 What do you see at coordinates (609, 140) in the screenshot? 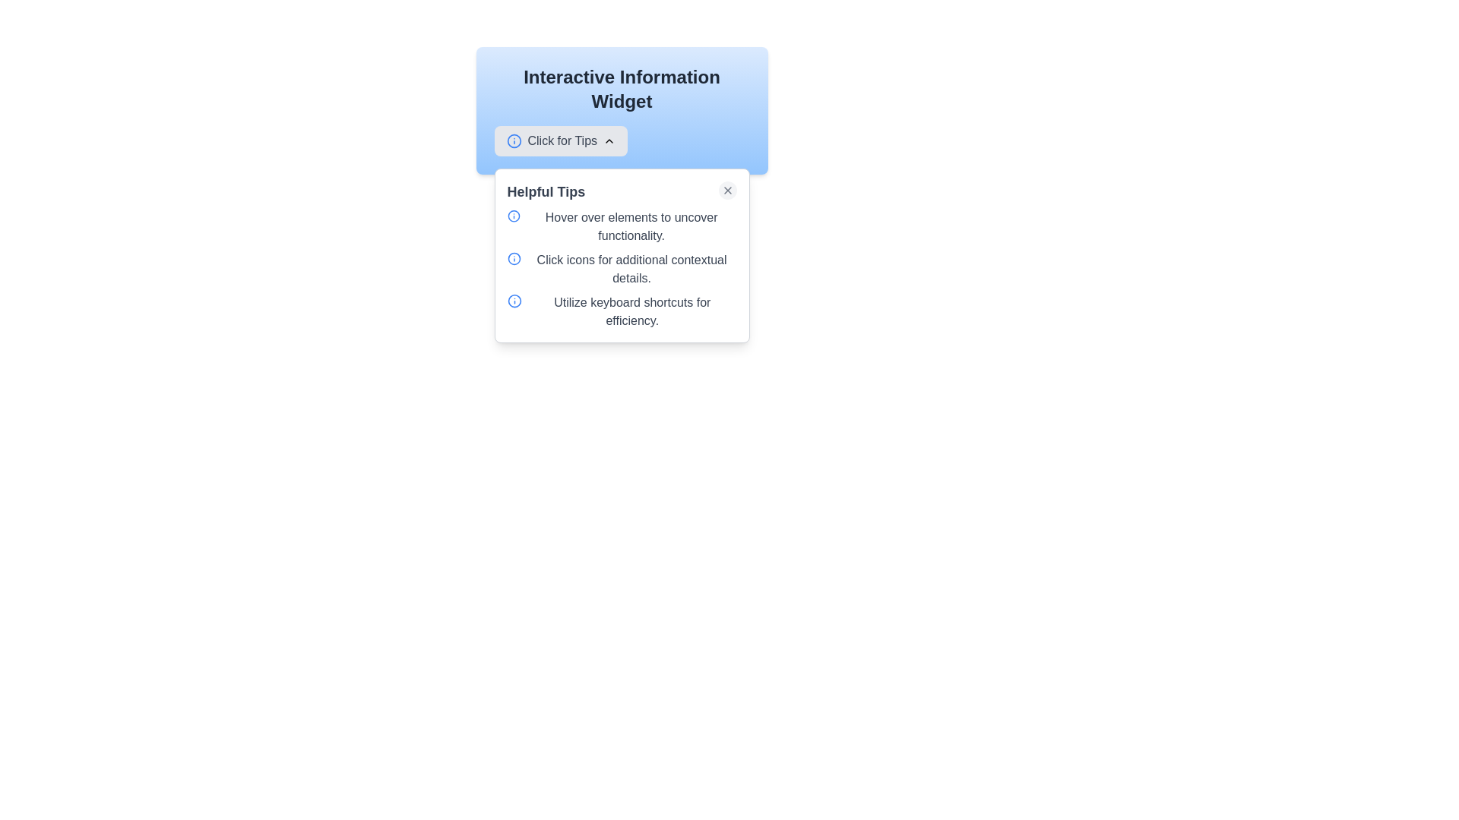
I see `the chevron up icon located next to the 'Click for Tips' text` at bounding box center [609, 140].